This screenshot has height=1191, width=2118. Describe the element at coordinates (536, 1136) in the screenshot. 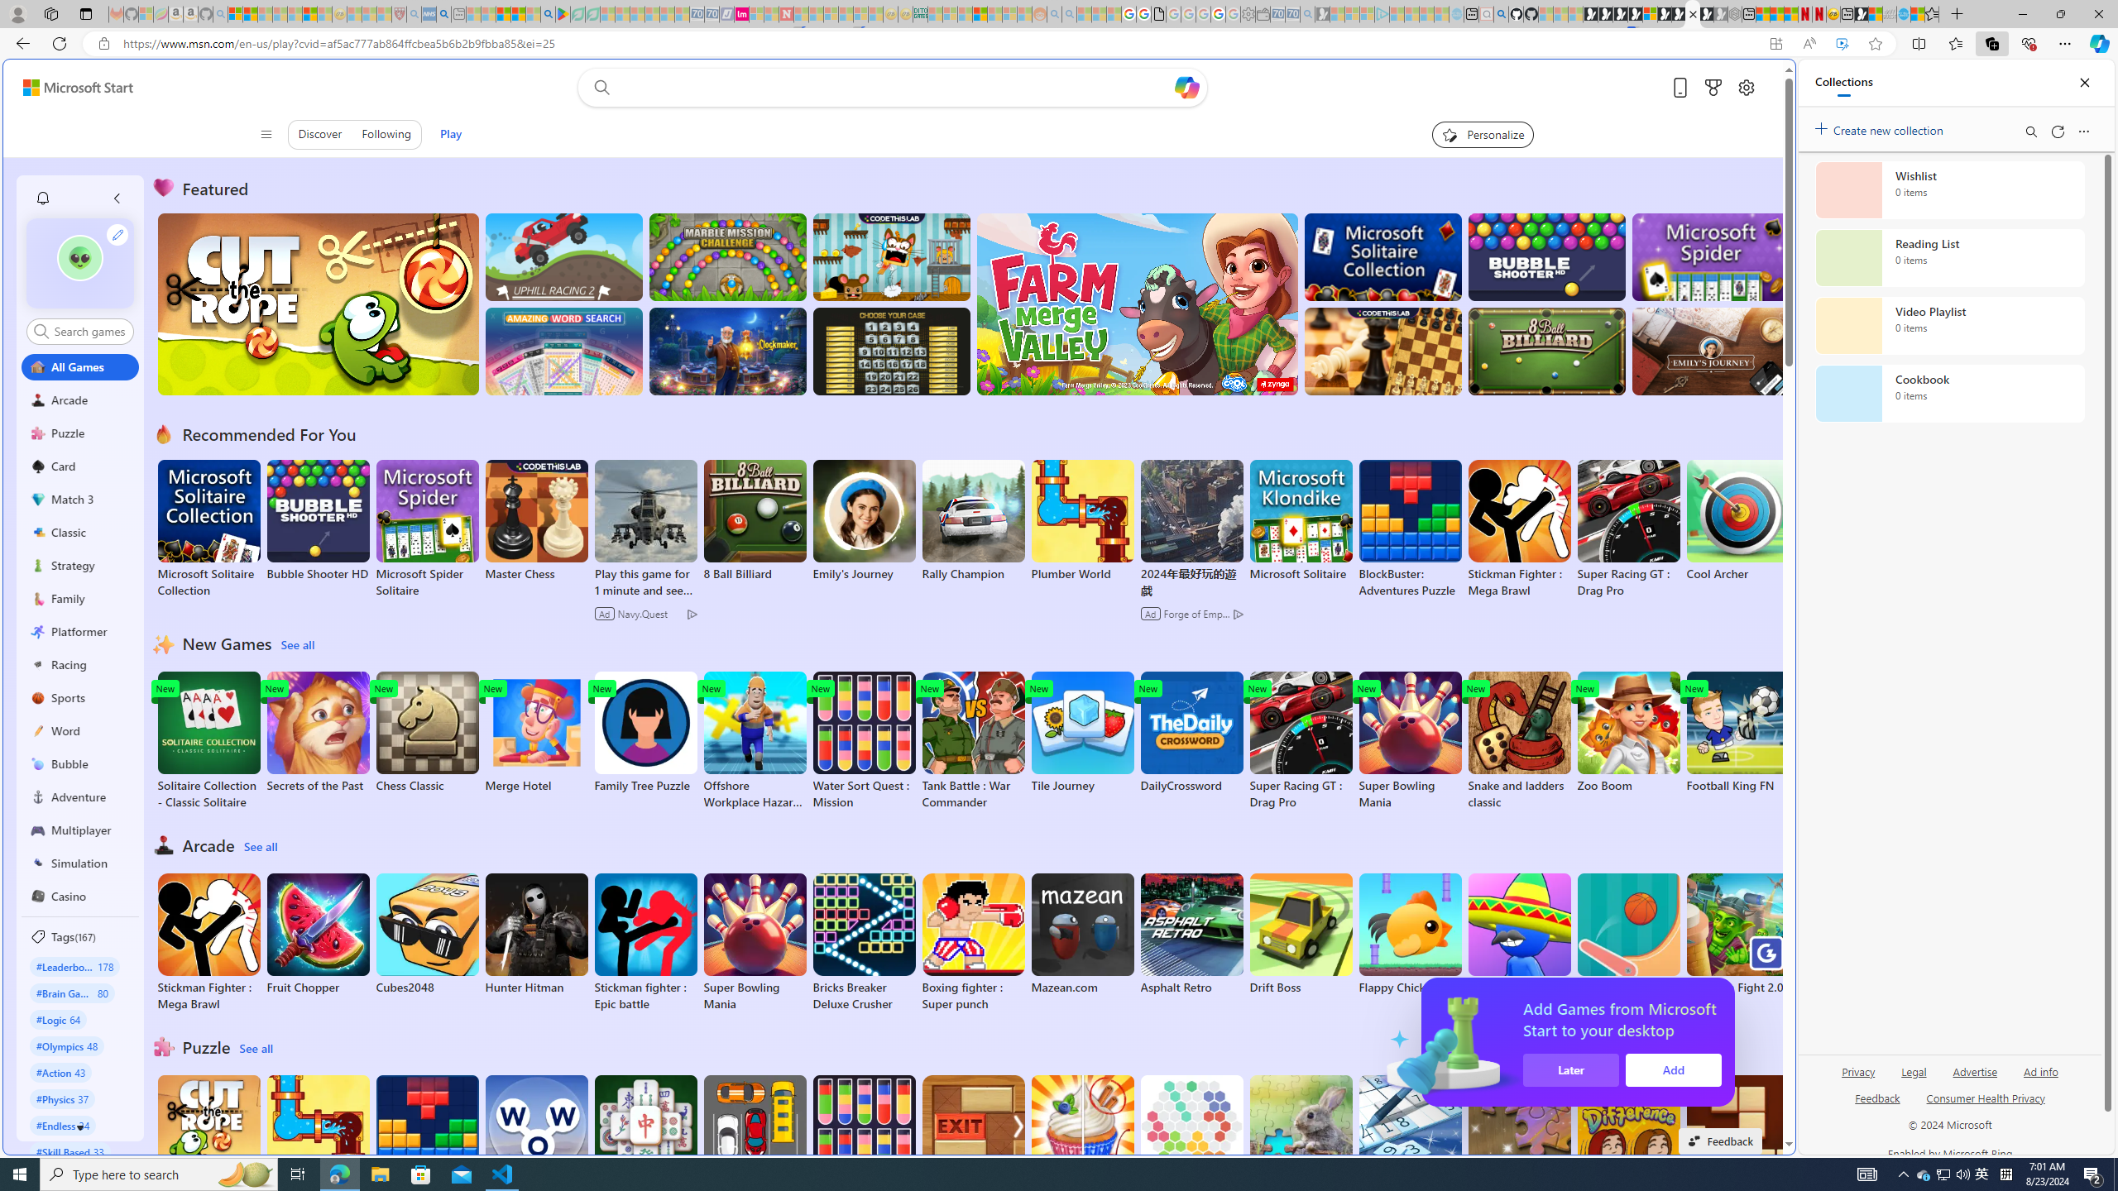

I see `'Words of Wonders'` at that location.